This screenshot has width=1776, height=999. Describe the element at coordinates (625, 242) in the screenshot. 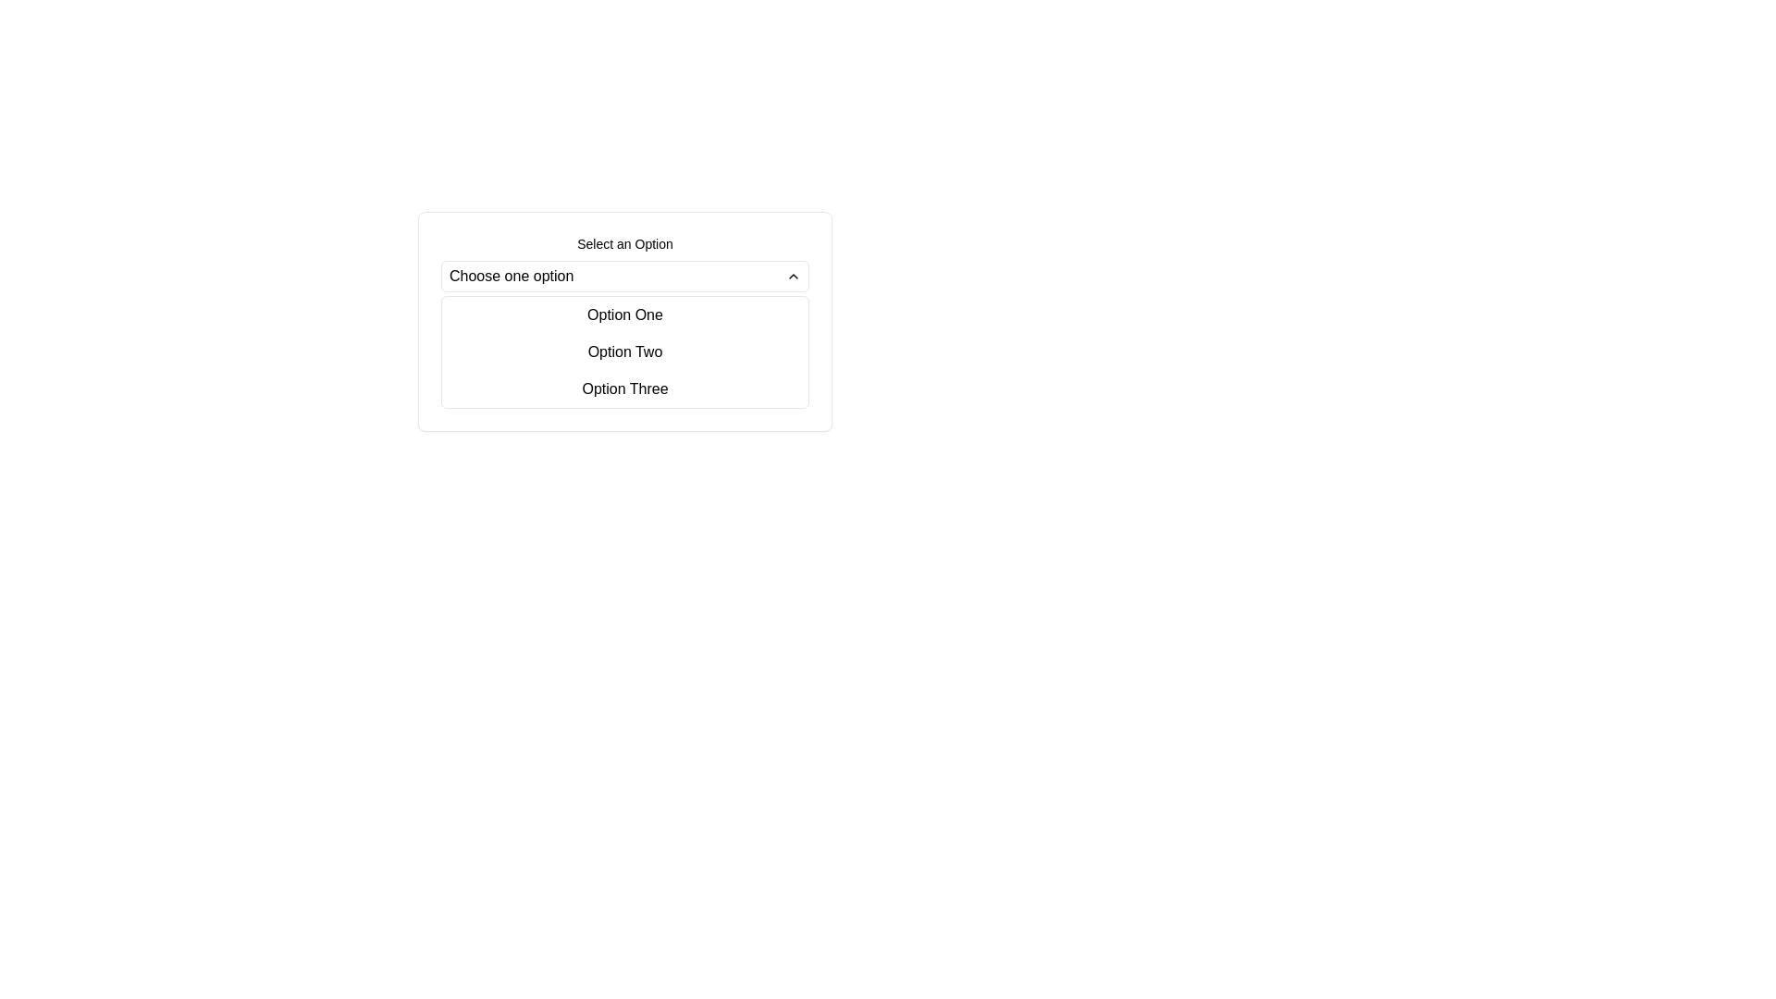

I see `the label that provides context for the dropdown menu, positioned directly above the 'Choose one option' dropdown` at that location.